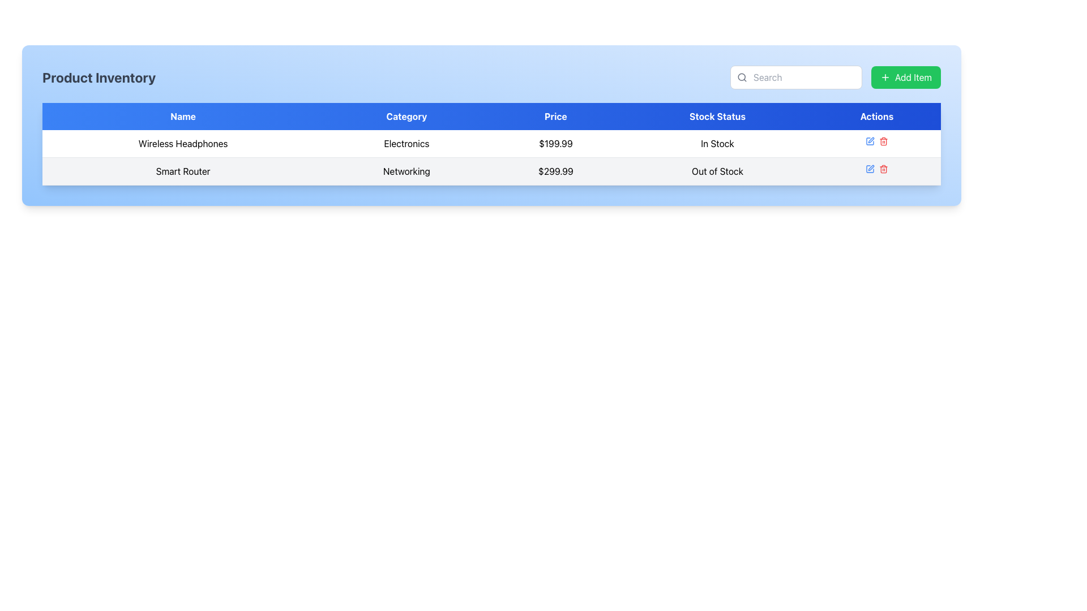 This screenshot has width=1087, height=611. I want to click on the trash can icon button located in the actions column of the first row of the table, so click(883, 141).